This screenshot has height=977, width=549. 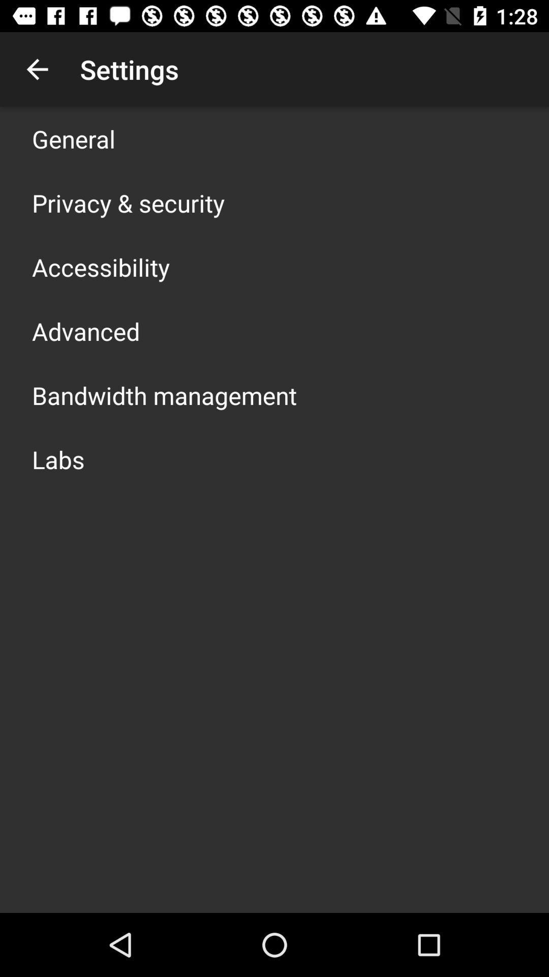 What do you see at coordinates (37, 69) in the screenshot?
I see `item to the left of the settings` at bounding box center [37, 69].